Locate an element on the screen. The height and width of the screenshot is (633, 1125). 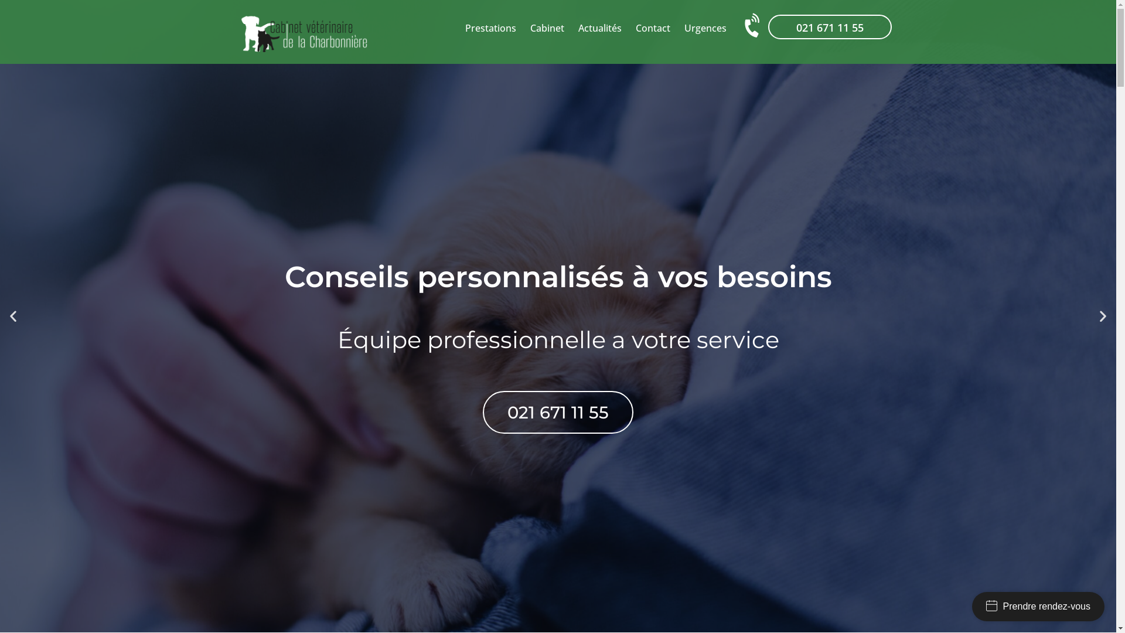
'Cabinet' is located at coordinates (547, 27).